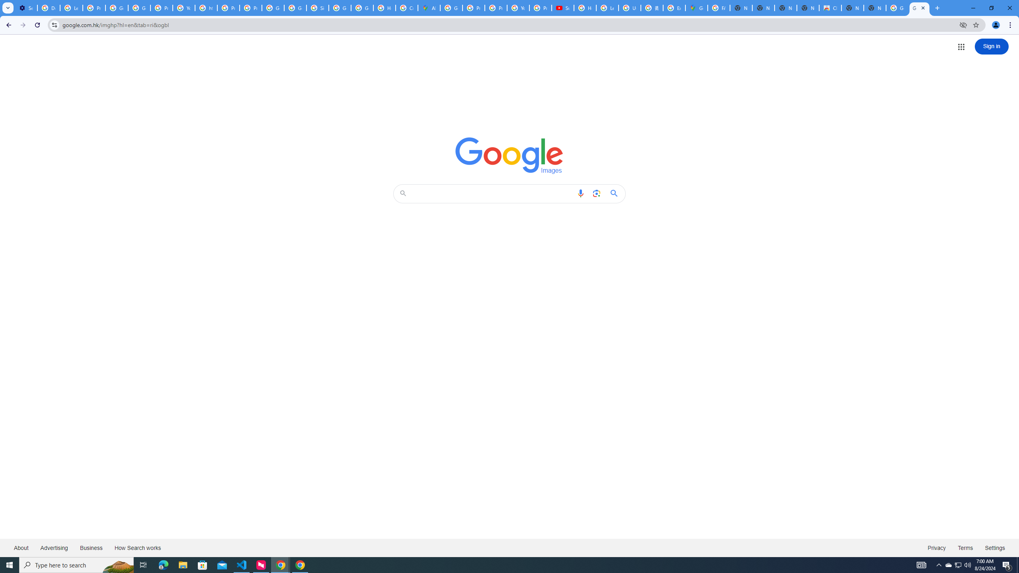 The height and width of the screenshot is (573, 1019). Describe the element at coordinates (830, 8) in the screenshot. I see `'Chrome Web Store'` at that location.